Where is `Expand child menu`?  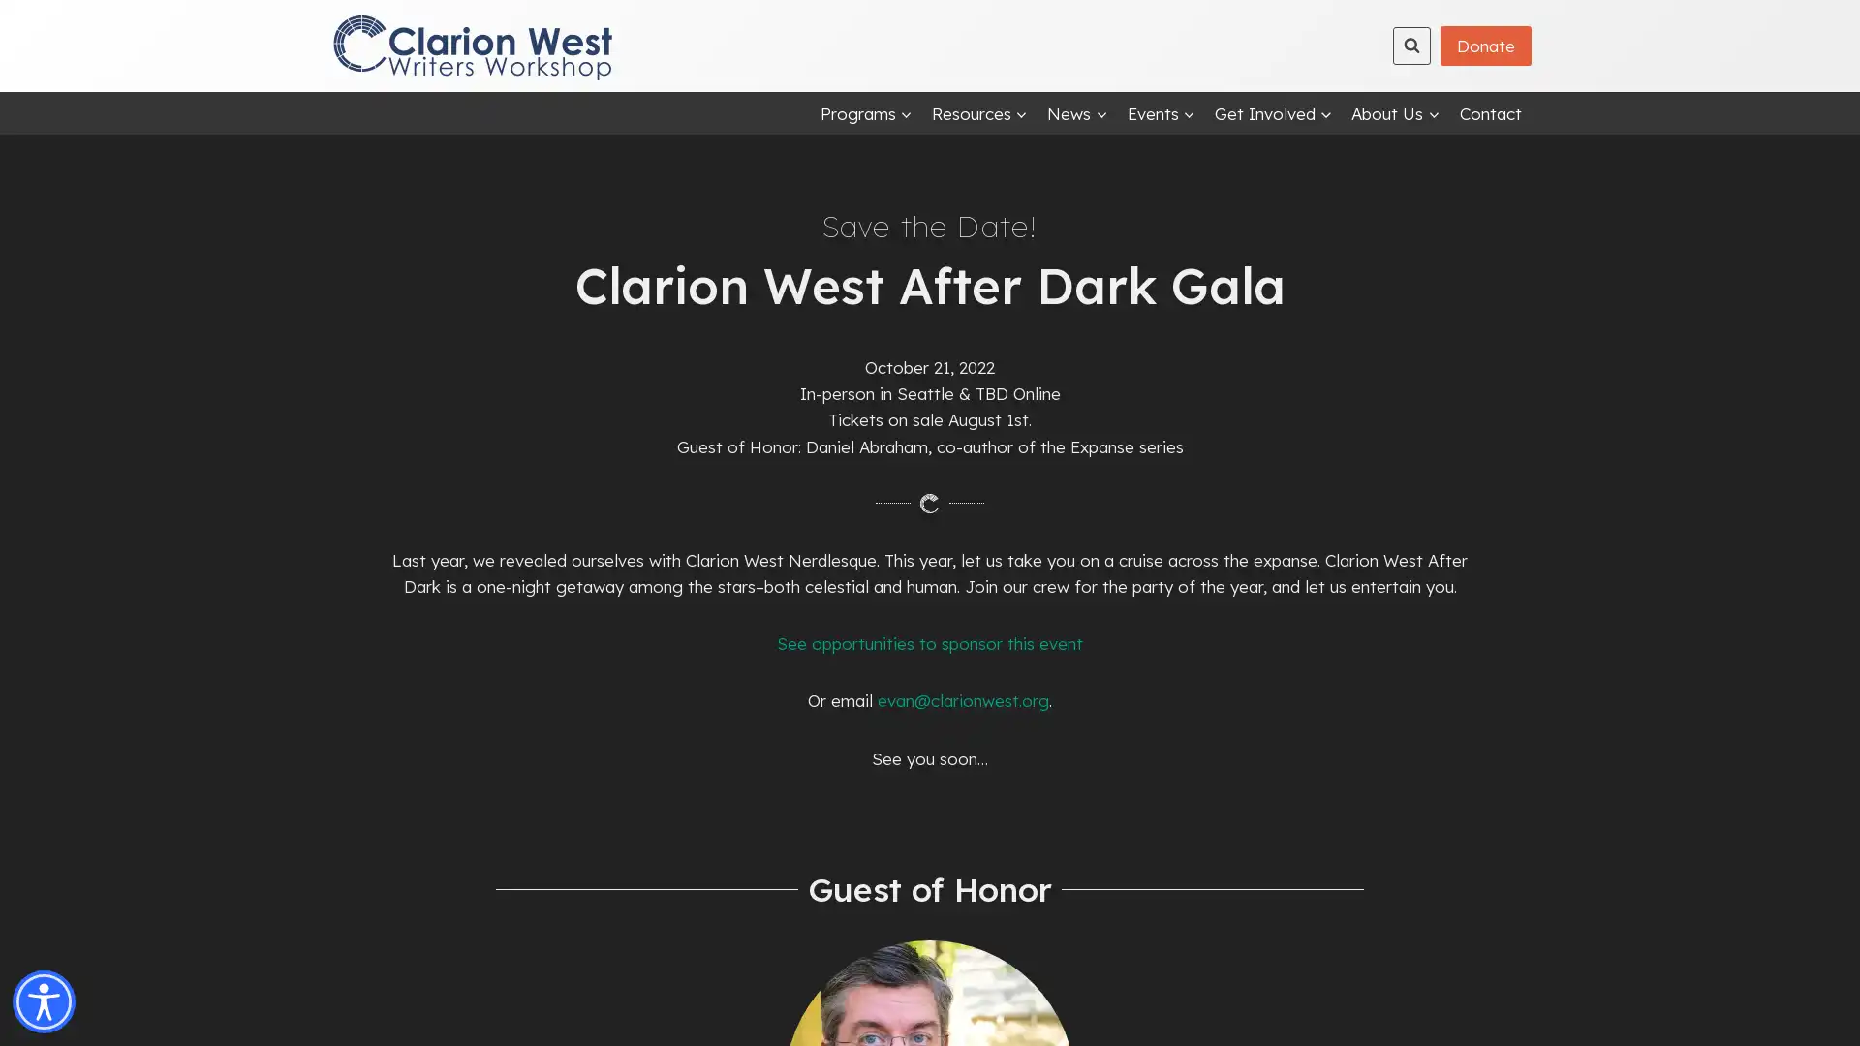 Expand child menu is located at coordinates (864, 112).